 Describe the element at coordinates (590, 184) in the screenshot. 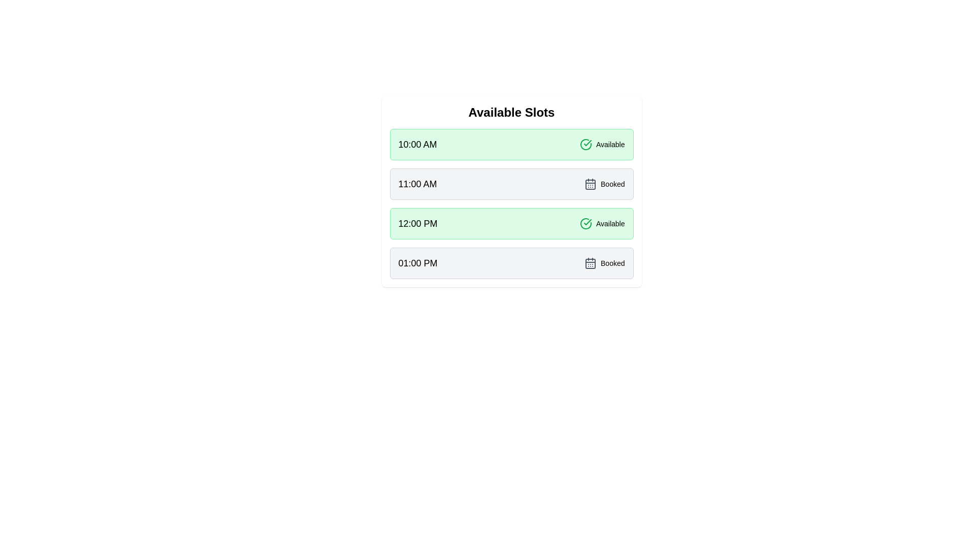

I see `the status icon for 11:00 AM to view its meaning` at that location.